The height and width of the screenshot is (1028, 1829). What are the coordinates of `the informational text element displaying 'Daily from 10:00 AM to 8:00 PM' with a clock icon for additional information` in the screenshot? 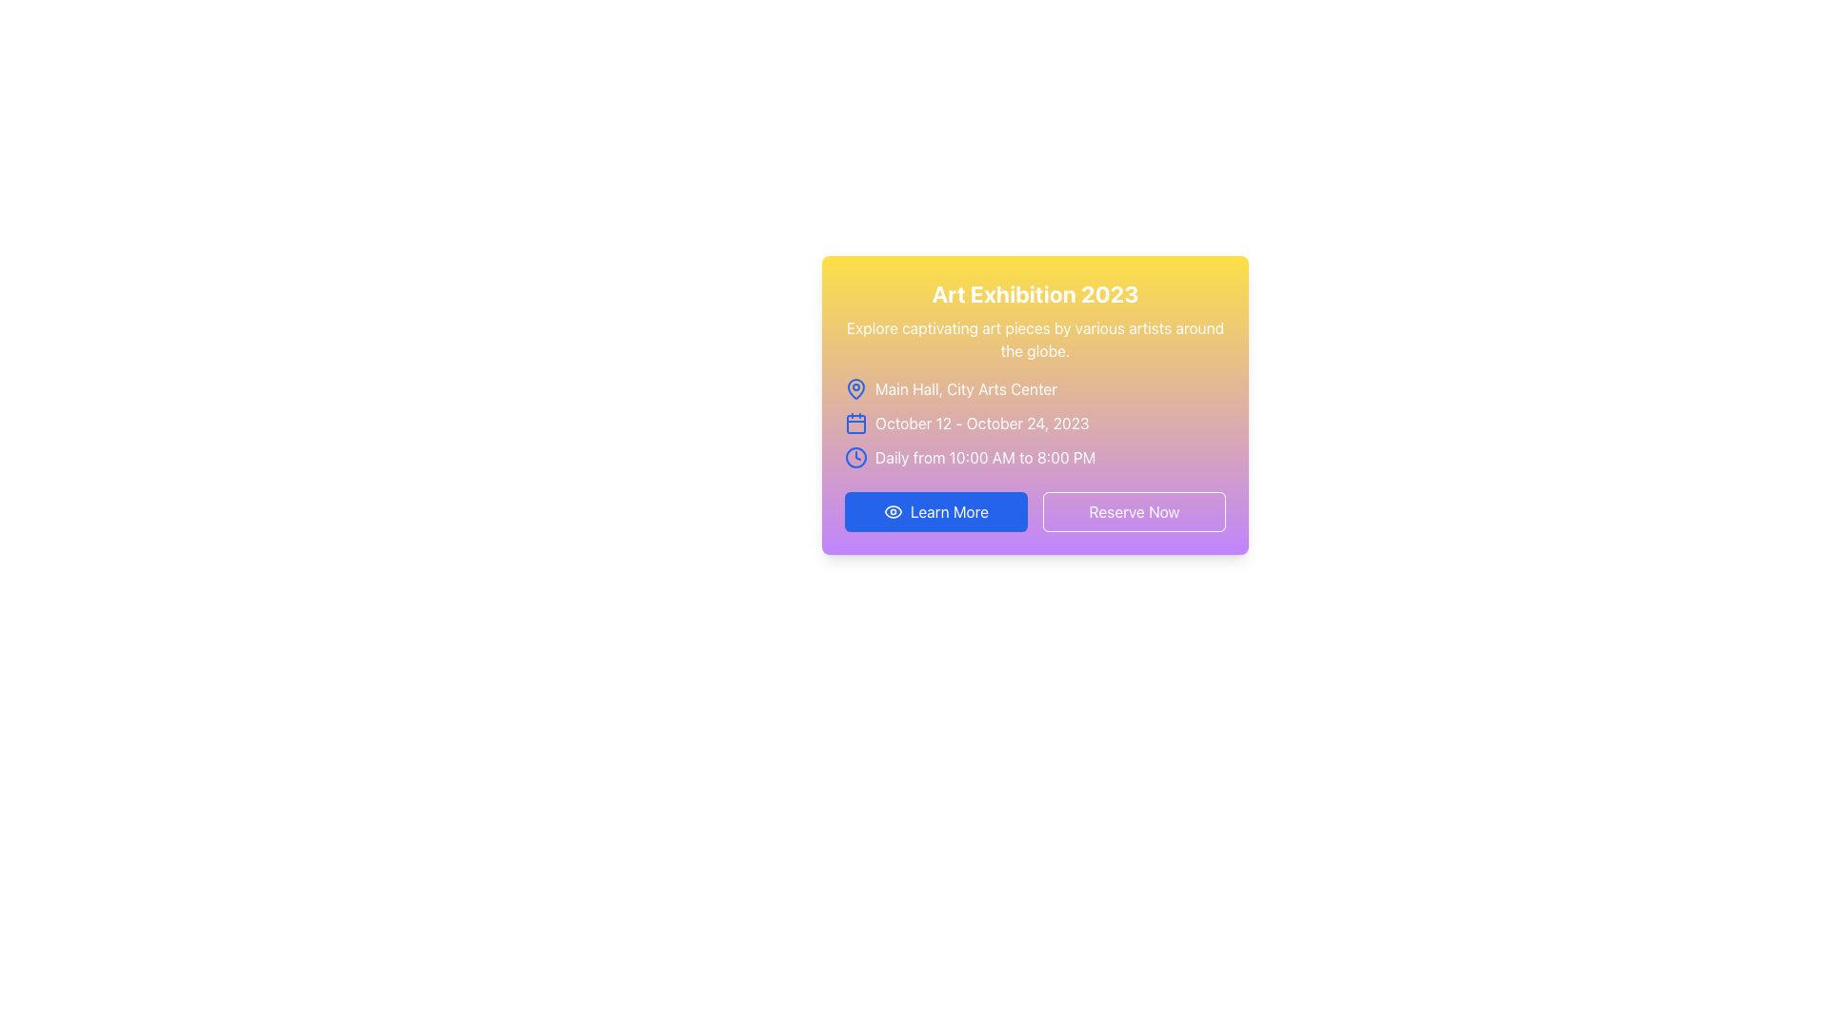 It's located at (1034, 458).